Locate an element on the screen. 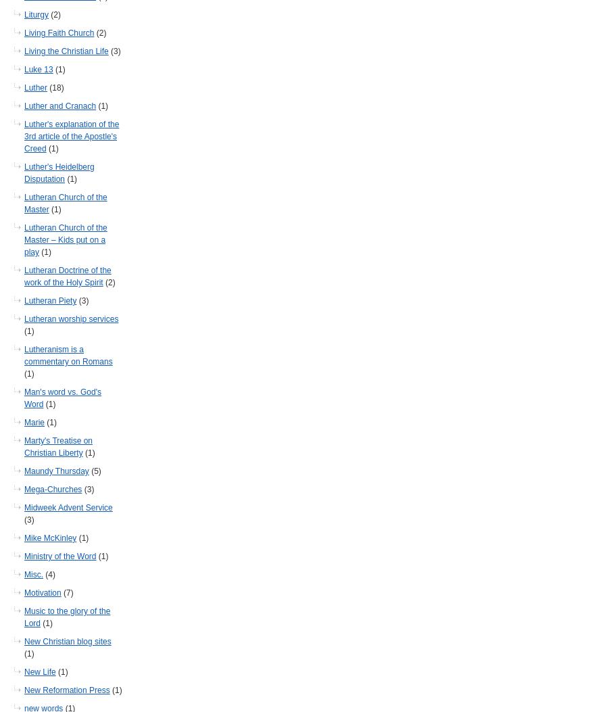  'Music to the glory of the Lord' is located at coordinates (67, 616).